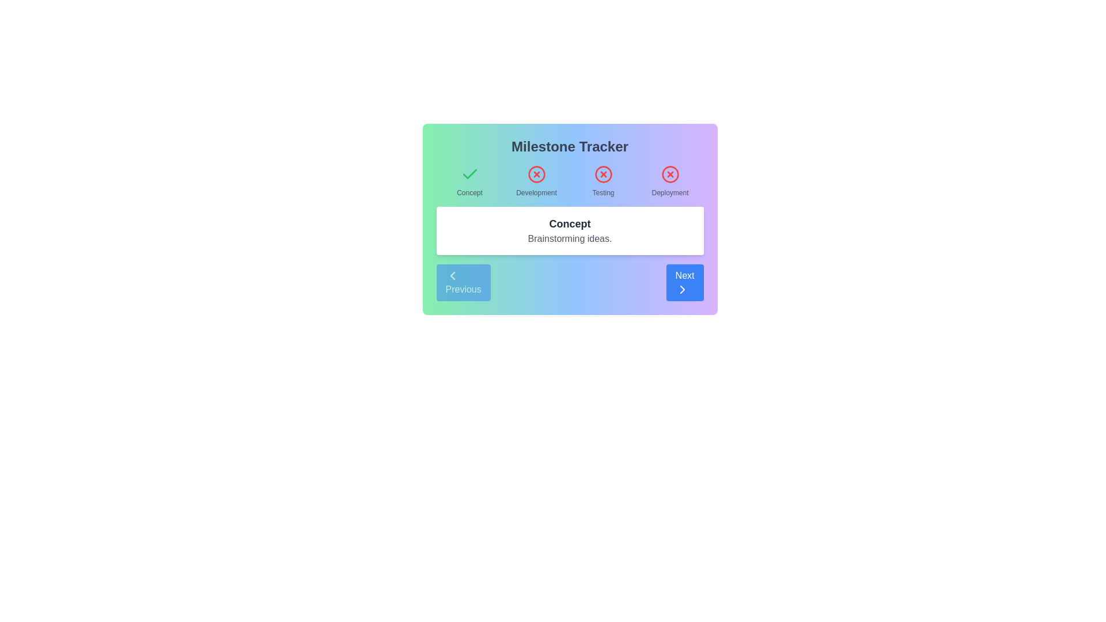  I want to click on the status of the Testing icon, which indicates incomplete or failed status in the progress tracker, located centrally in the upper section of the interface, so click(603, 175).